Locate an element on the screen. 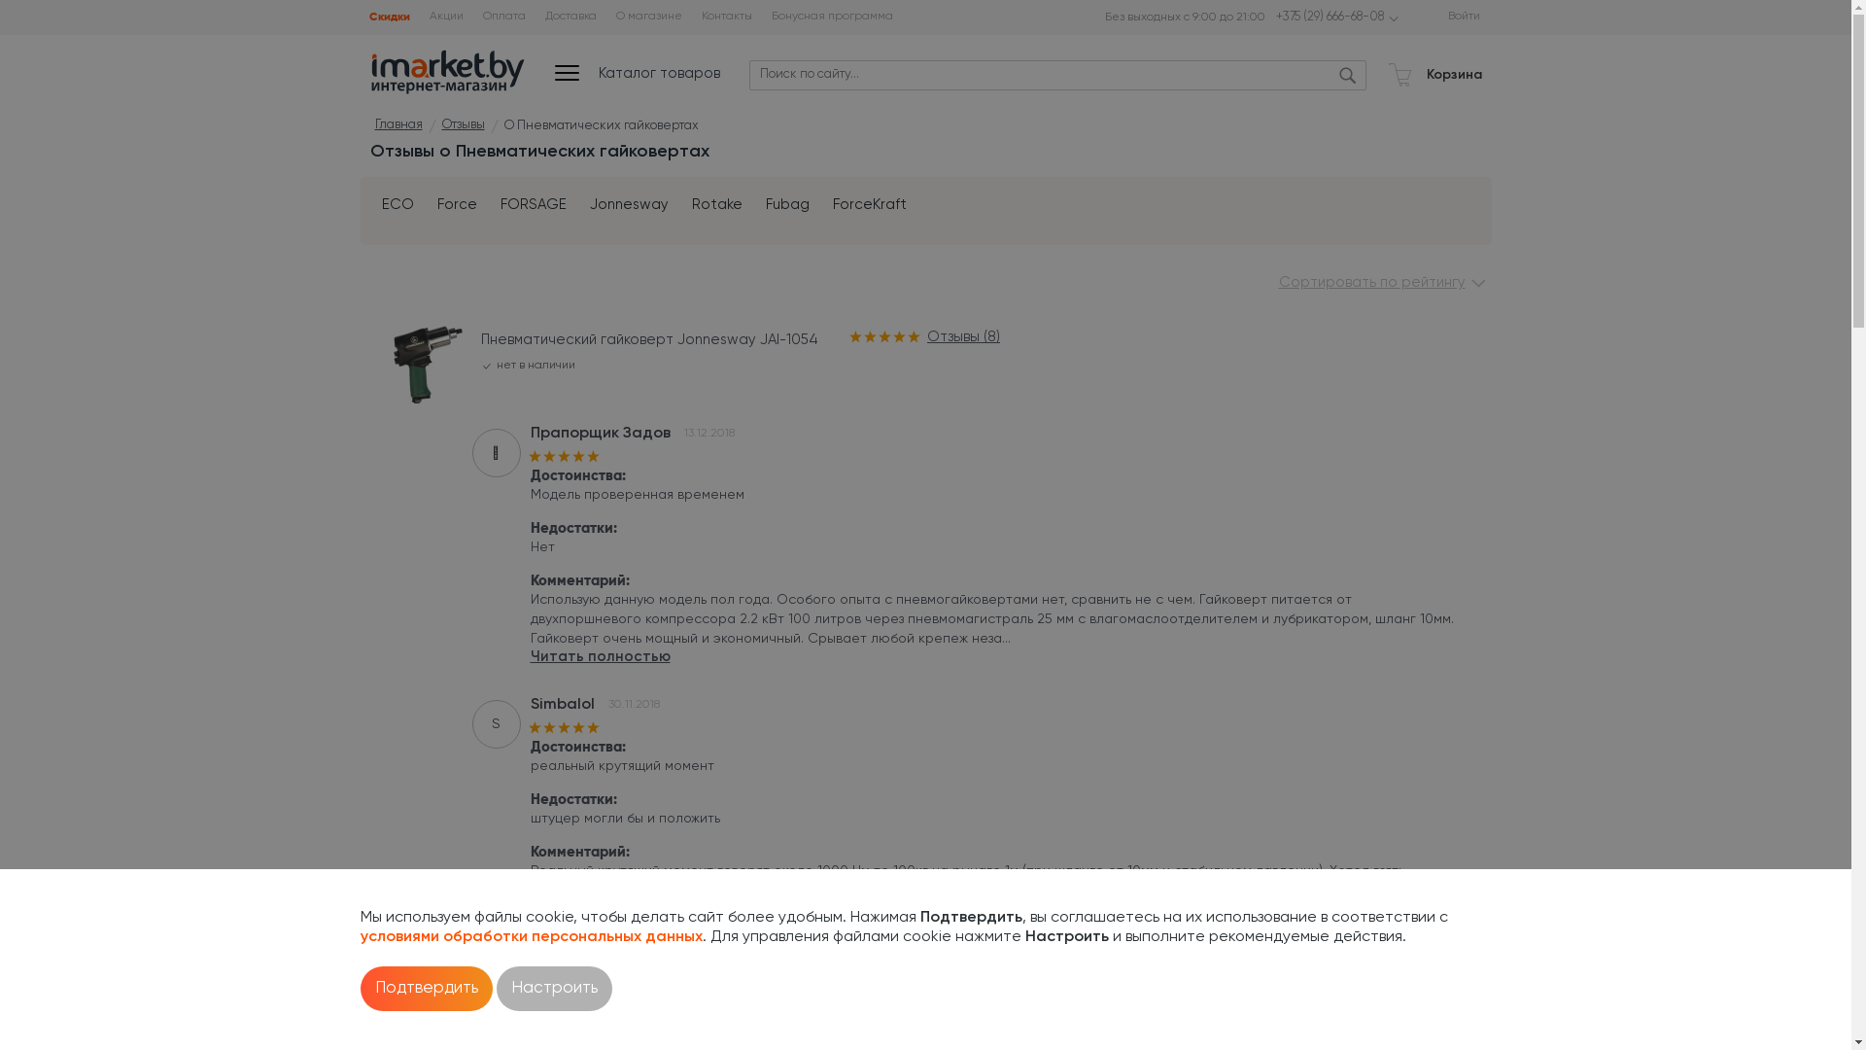  'ECO' is located at coordinates (396, 205).